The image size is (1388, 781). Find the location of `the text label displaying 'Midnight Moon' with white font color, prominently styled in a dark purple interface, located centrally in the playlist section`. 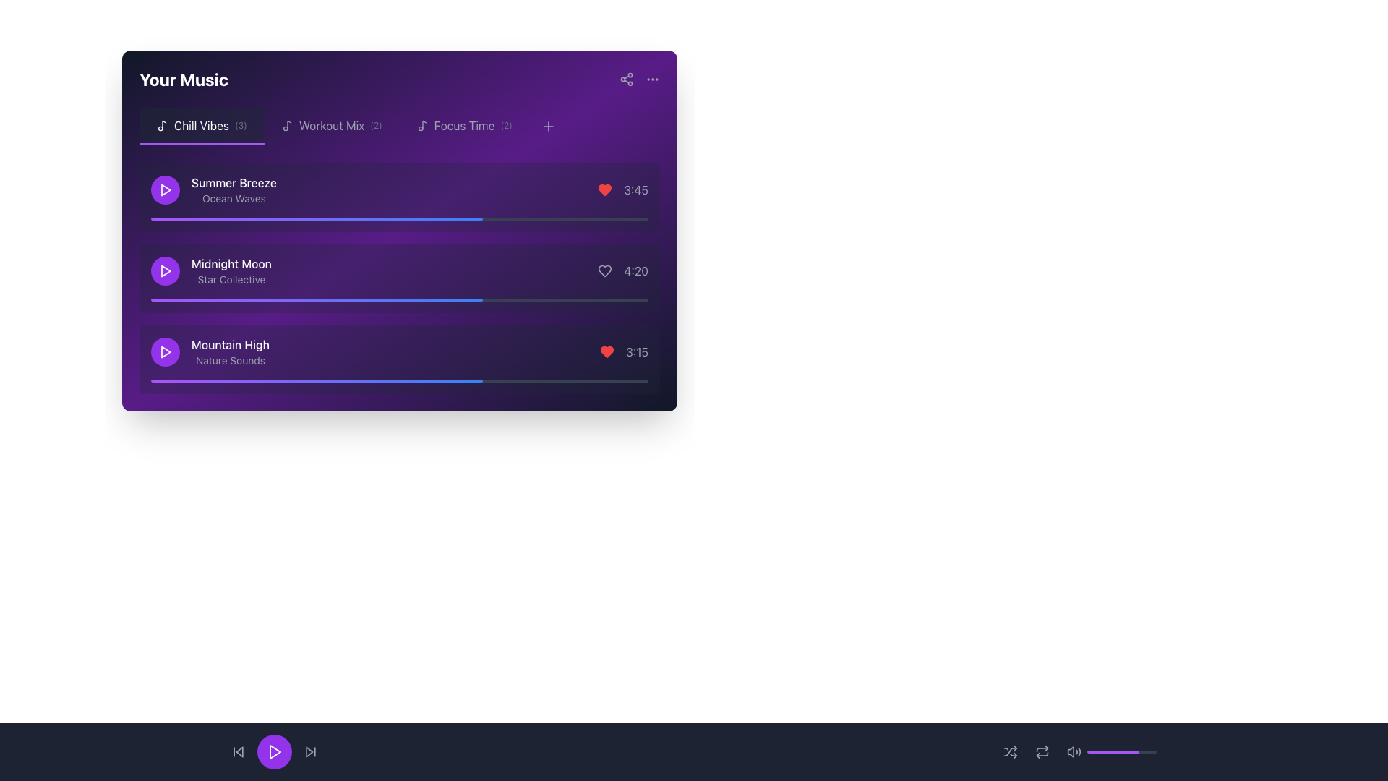

the text label displaying 'Midnight Moon' with white font color, prominently styled in a dark purple interface, located centrally in the playlist section is located at coordinates (231, 264).